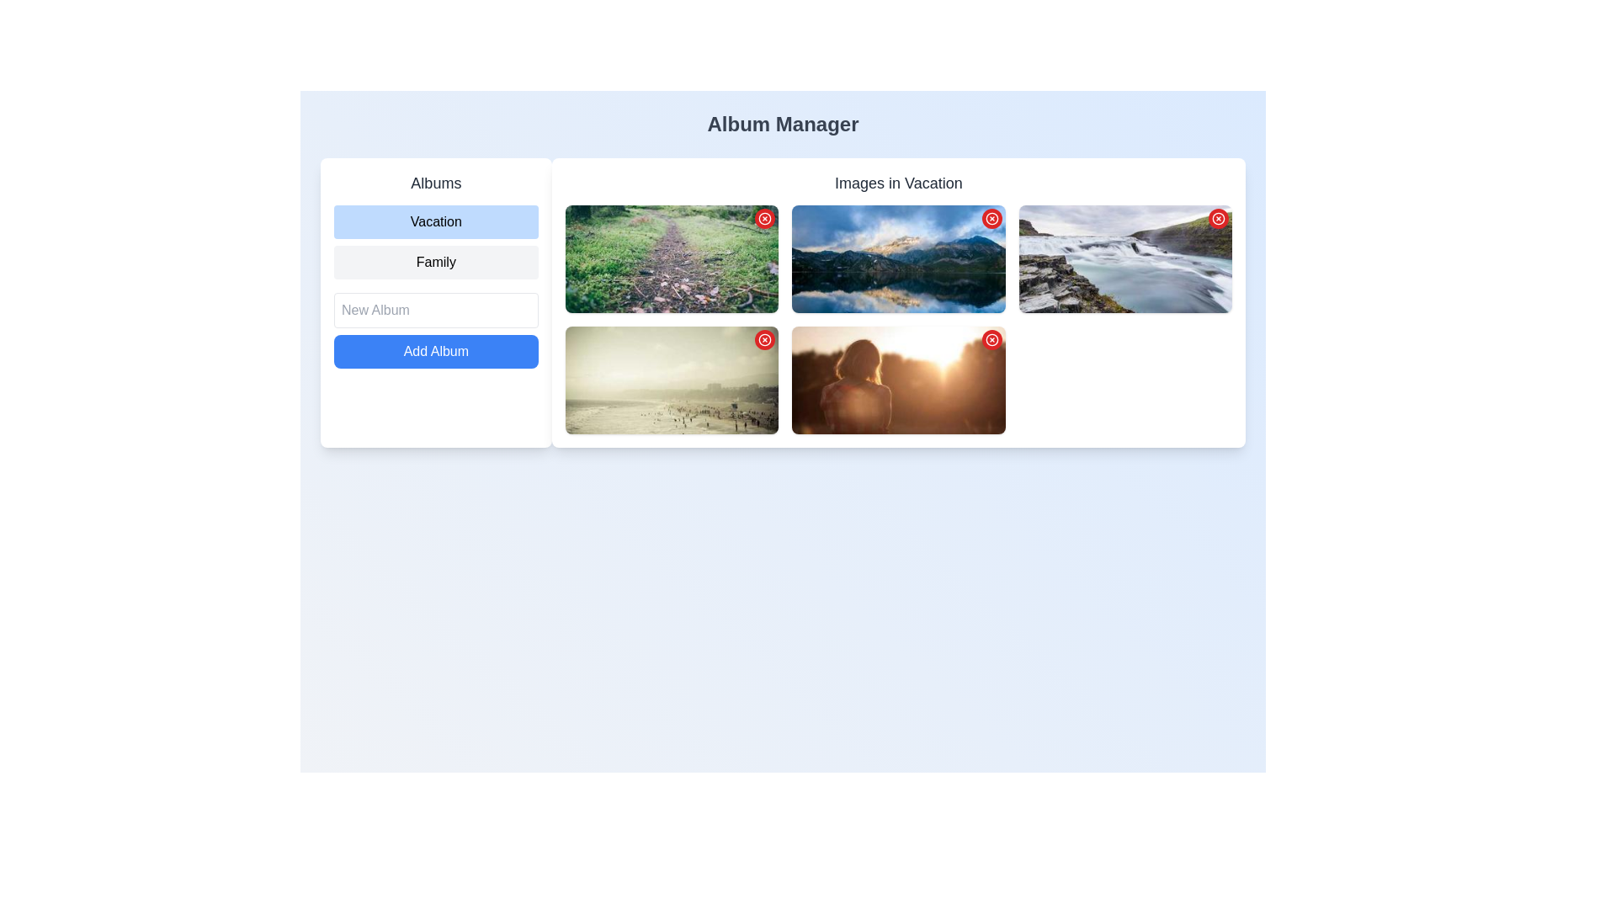 The height and width of the screenshot is (909, 1616). I want to click on the removal button located in the top right corner of the river scene image in the 'Images in Vacation' section of the Album Manager interface, so click(1219, 217).